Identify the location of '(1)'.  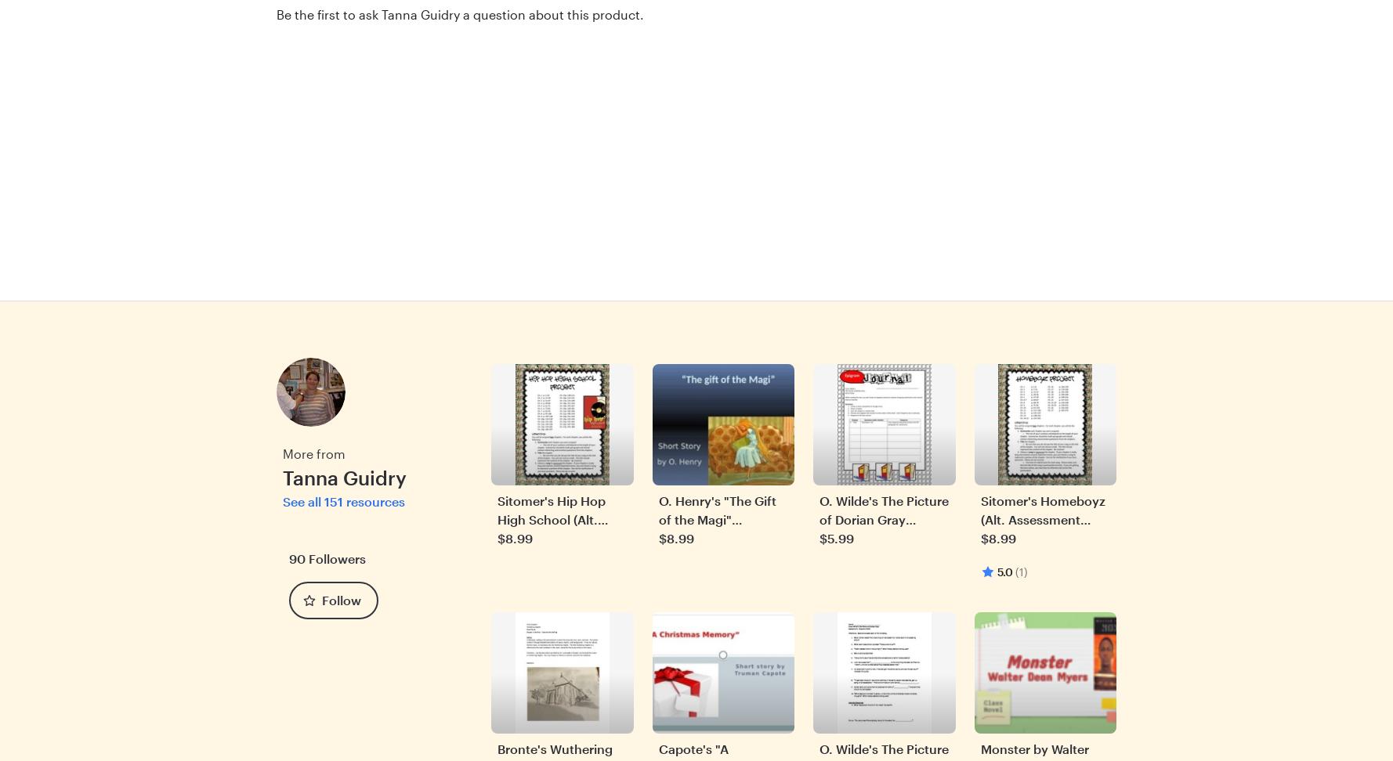
(1020, 571).